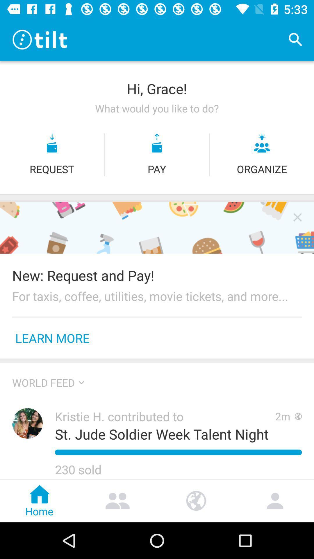 This screenshot has width=314, height=559. I want to click on item on the right, so click(297, 217).